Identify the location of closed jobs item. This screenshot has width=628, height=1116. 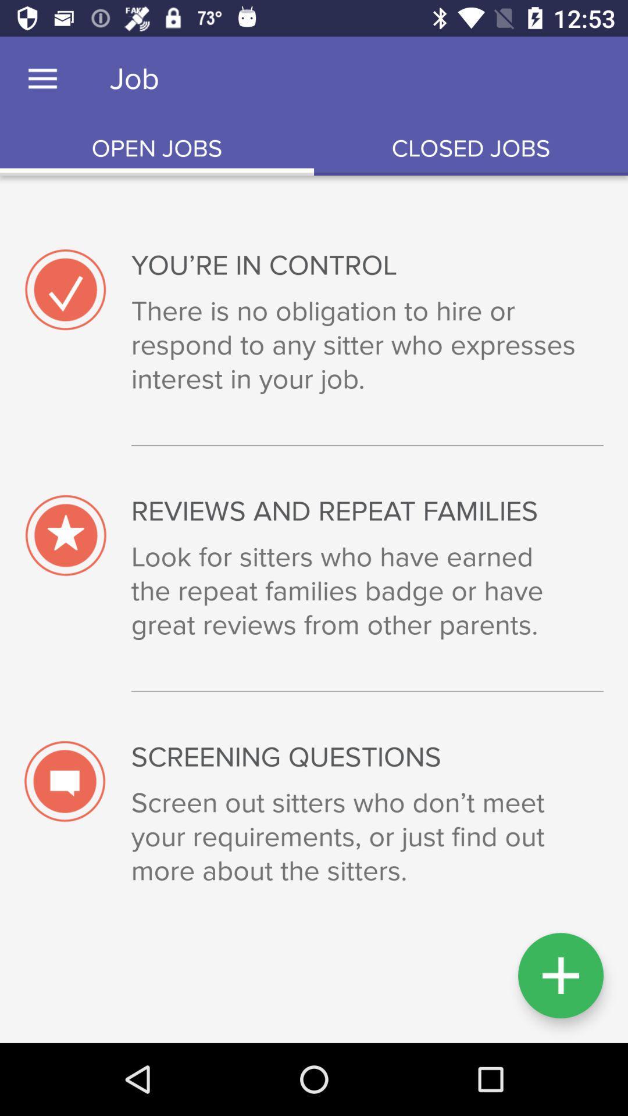
(471, 148).